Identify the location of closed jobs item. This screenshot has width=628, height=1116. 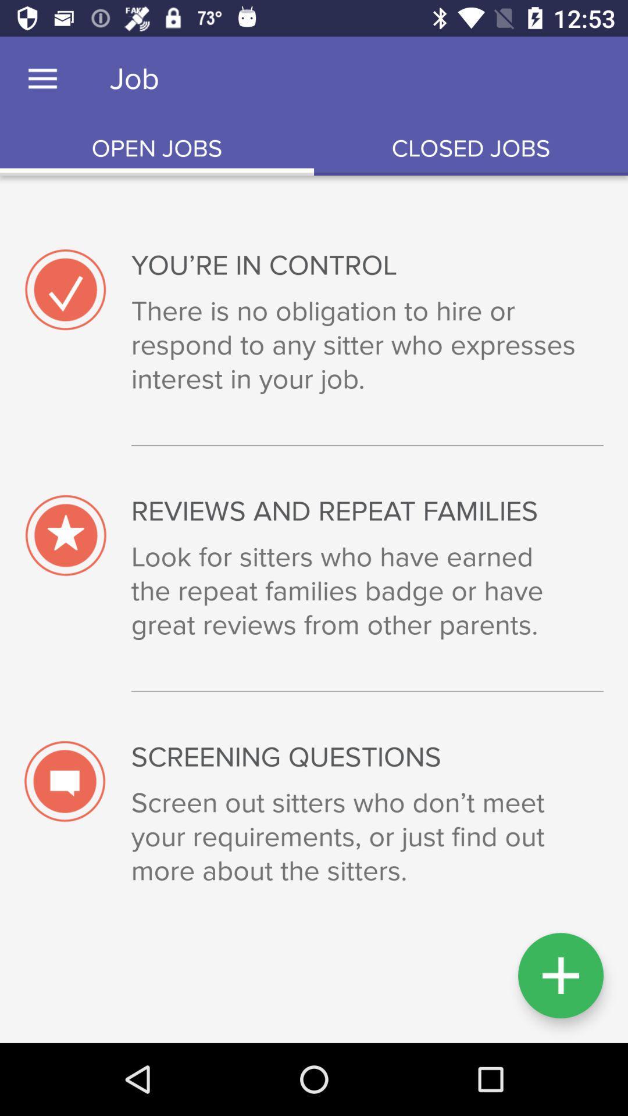
(471, 148).